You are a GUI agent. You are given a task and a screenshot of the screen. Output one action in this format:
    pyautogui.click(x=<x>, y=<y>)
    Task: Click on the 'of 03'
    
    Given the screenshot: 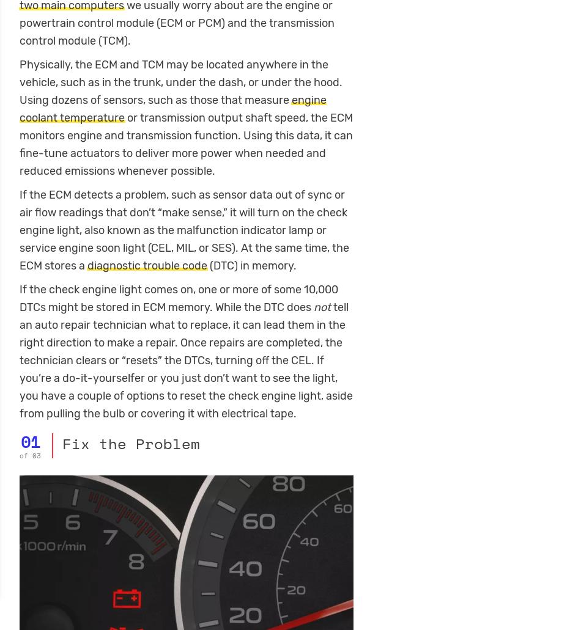 What is the action you would take?
    pyautogui.click(x=30, y=455)
    